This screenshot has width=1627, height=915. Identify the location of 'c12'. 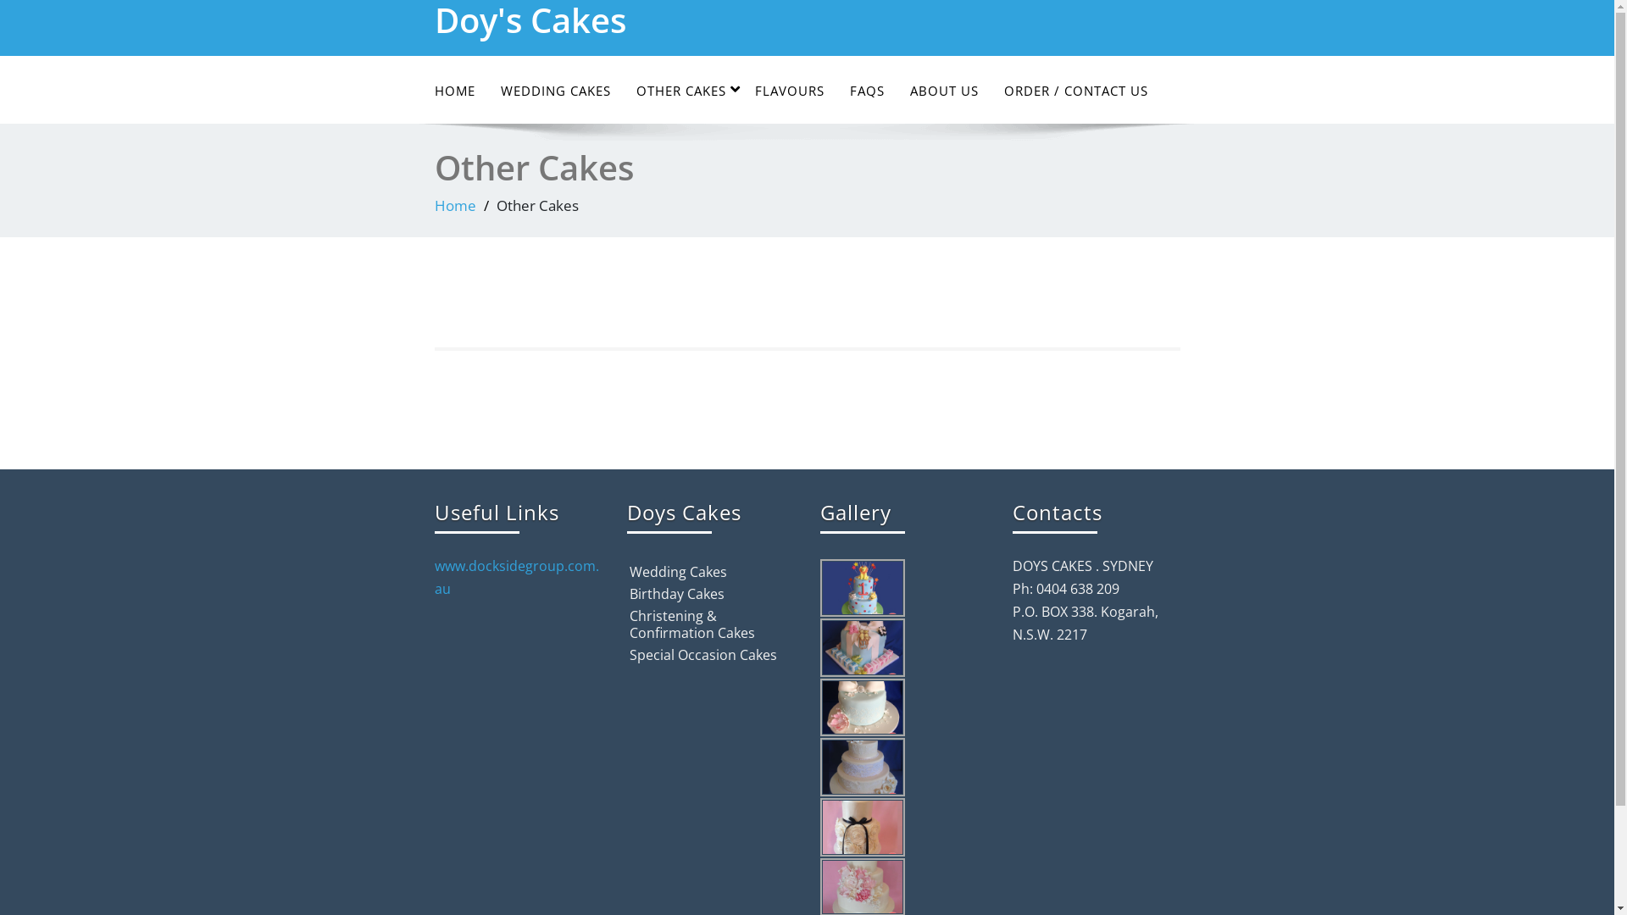
(820, 647).